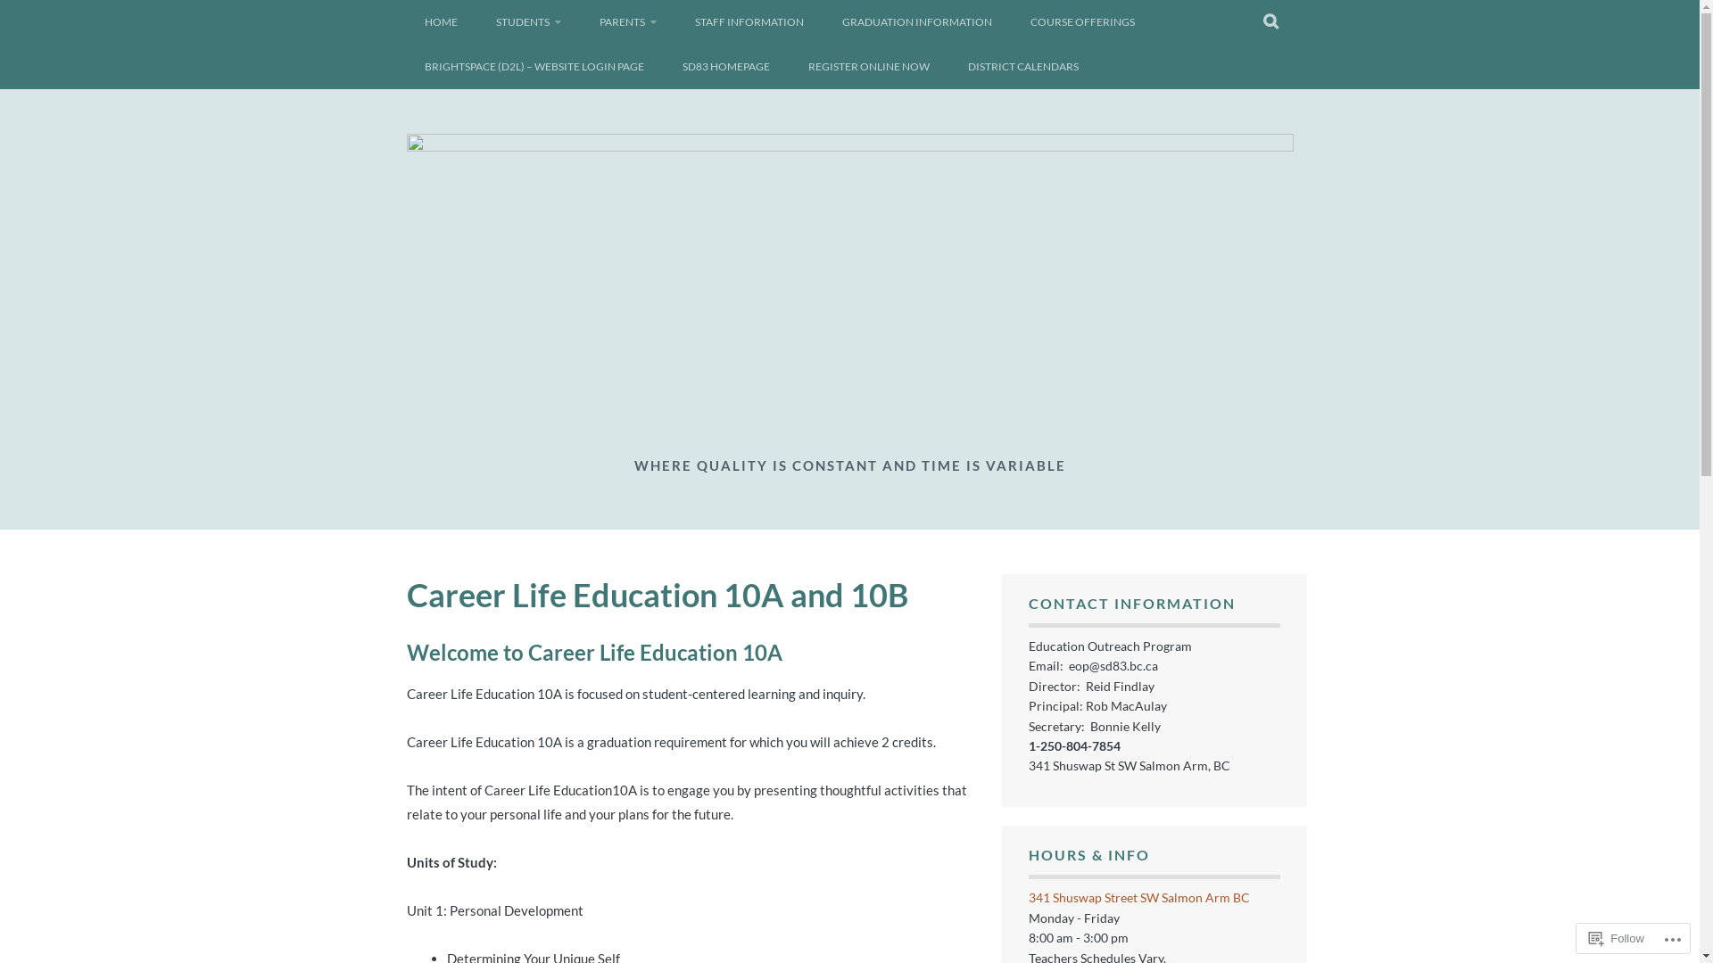 Image resolution: width=1713 pixels, height=963 pixels. Describe the element at coordinates (582, 21) in the screenshot. I see `'PARENTS'` at that location.